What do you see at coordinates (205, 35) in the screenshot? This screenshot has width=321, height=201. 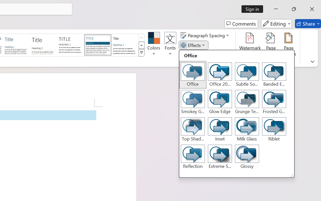 I see `'Paragraph Spacing'` at bounding box center [205, 35].